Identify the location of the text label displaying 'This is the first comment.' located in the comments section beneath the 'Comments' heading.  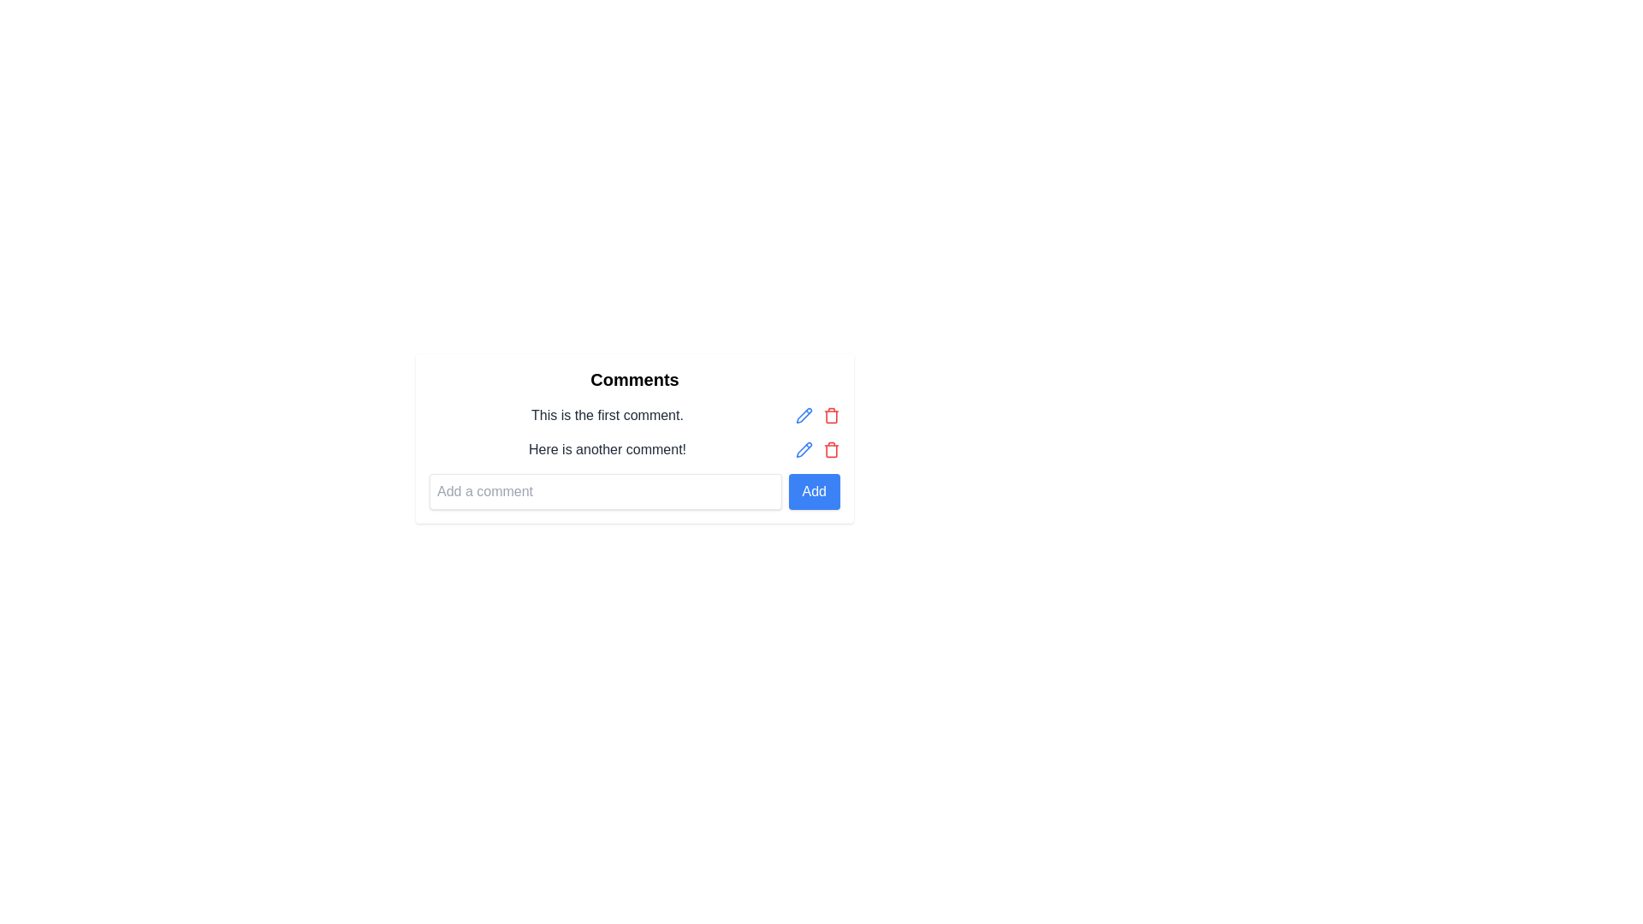
(608, 416).